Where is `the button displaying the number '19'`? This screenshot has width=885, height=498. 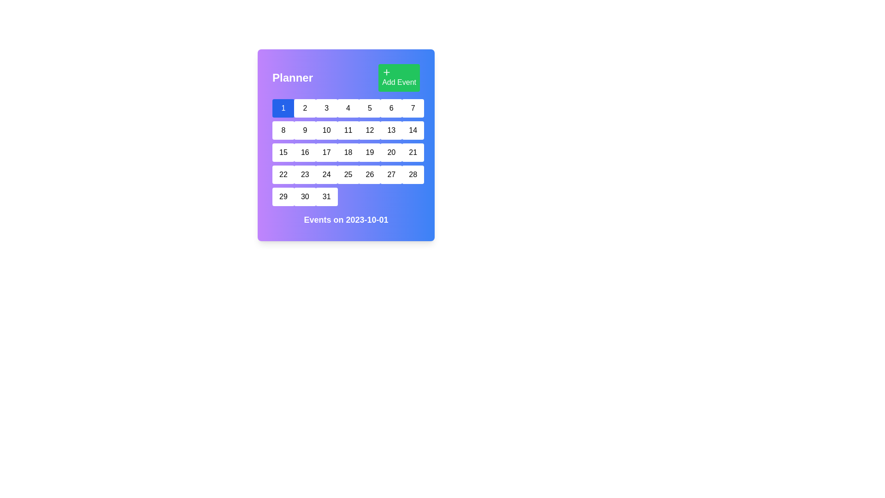
the button displaying the number '19' is located at coordinates (370, 152).